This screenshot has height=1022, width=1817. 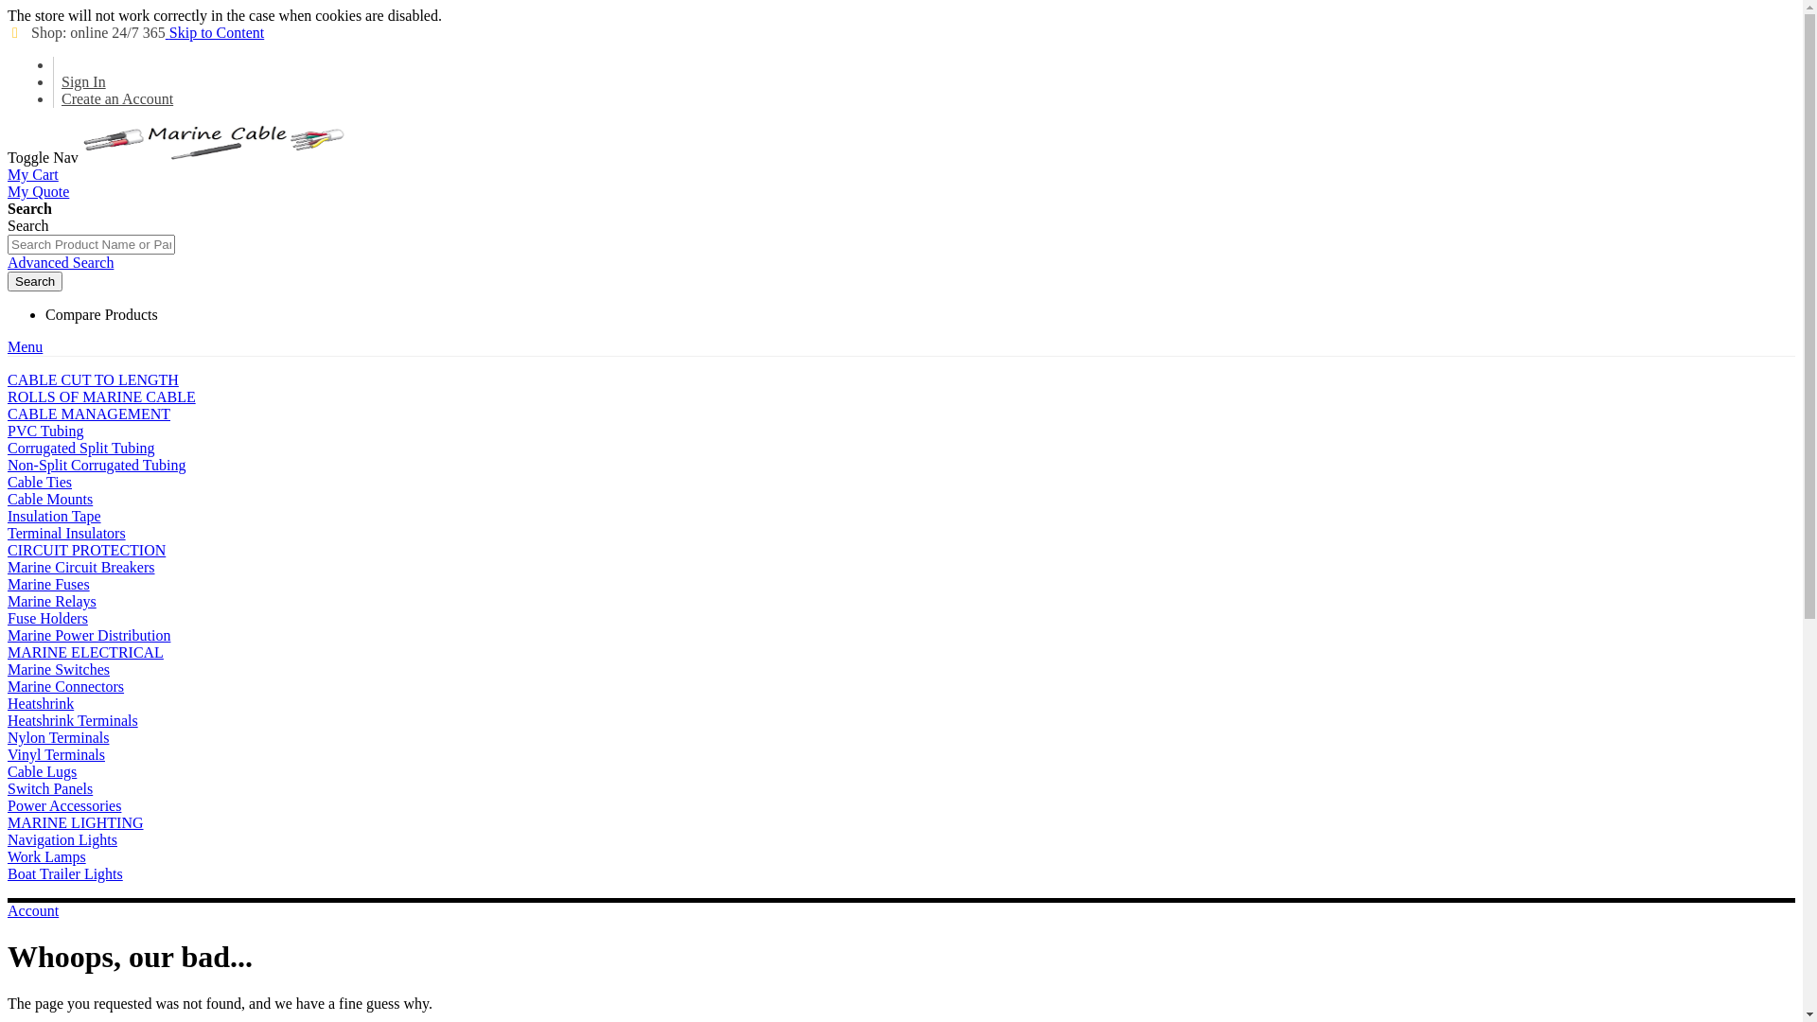 What do you see at coordinates (63, 805) in the screenshot?
I see `'Power Accessories'` at bounding box center [63, 805].